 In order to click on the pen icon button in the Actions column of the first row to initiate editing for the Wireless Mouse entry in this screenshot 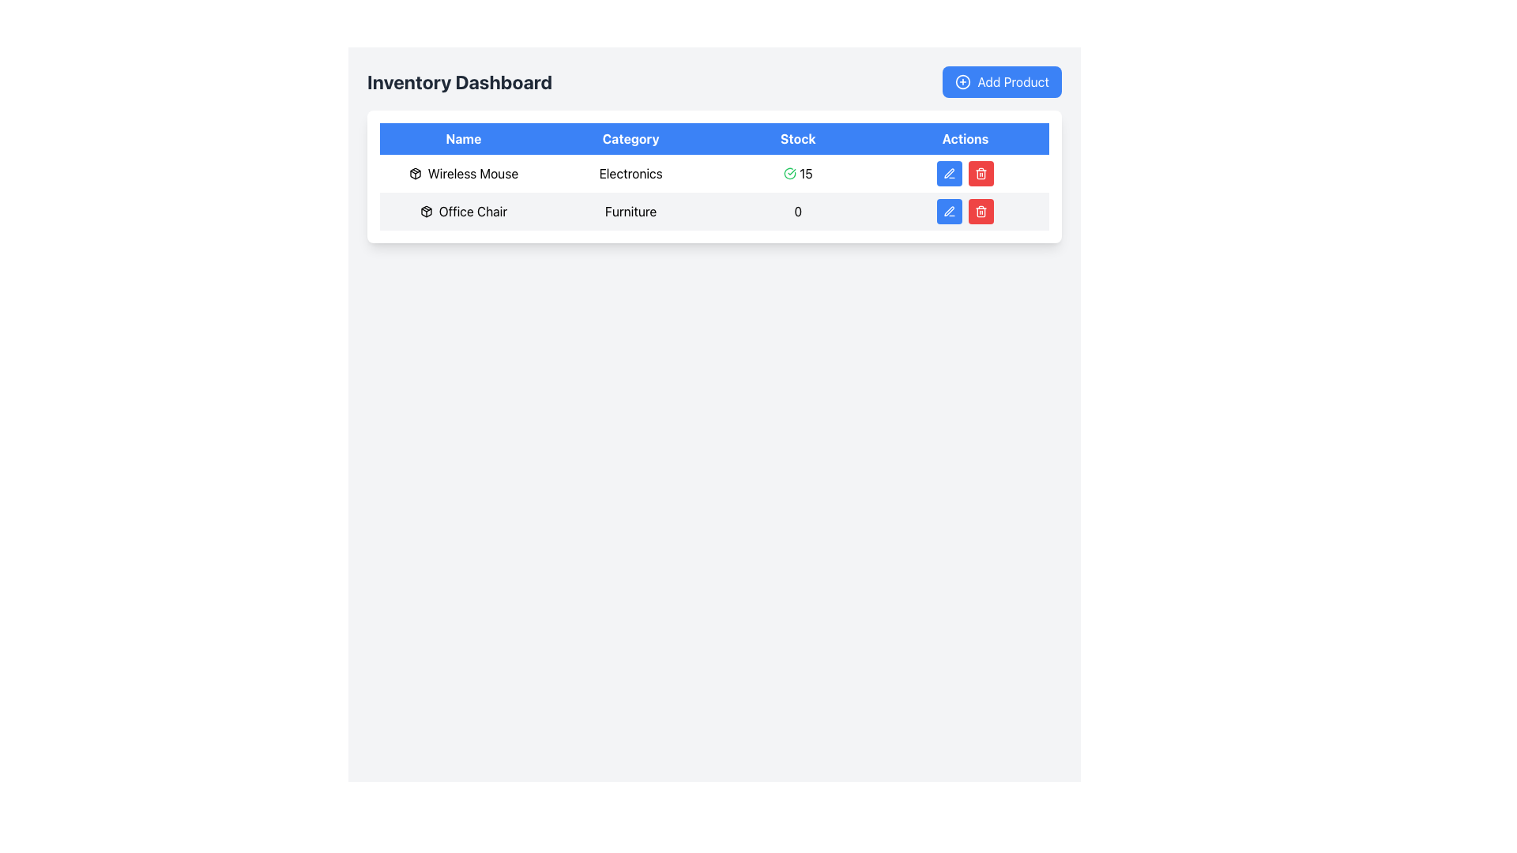, I will do `click(948, 173)`.